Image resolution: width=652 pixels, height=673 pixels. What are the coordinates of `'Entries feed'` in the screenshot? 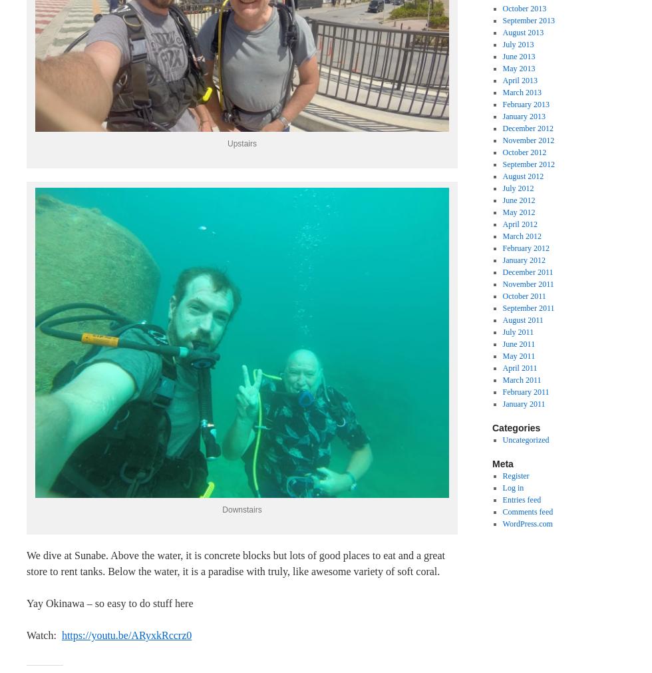 It's located at (502, 498).